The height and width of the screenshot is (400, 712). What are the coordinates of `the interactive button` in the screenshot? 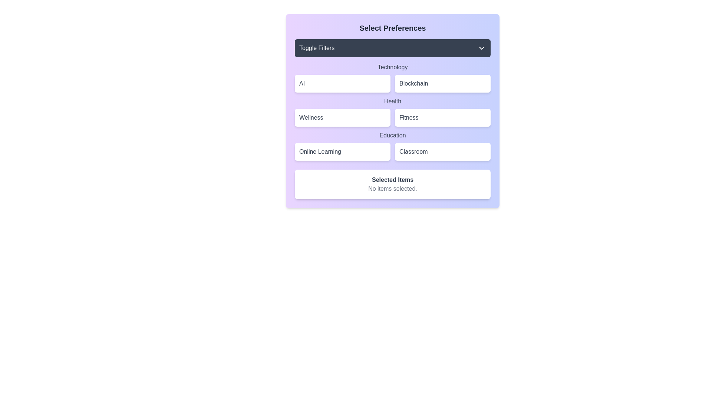 It's located at (392, 111).